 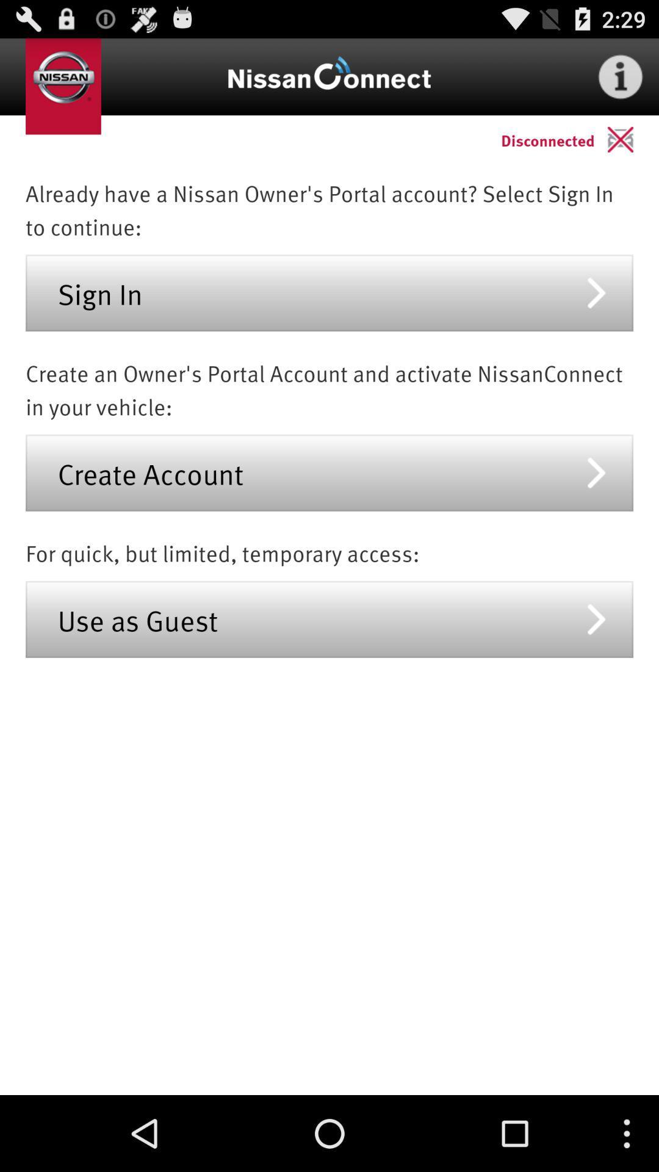 What do you see at coordinates (329, 619) in the screenshot?
I see `use as guest` at bounding box center [329, 619].